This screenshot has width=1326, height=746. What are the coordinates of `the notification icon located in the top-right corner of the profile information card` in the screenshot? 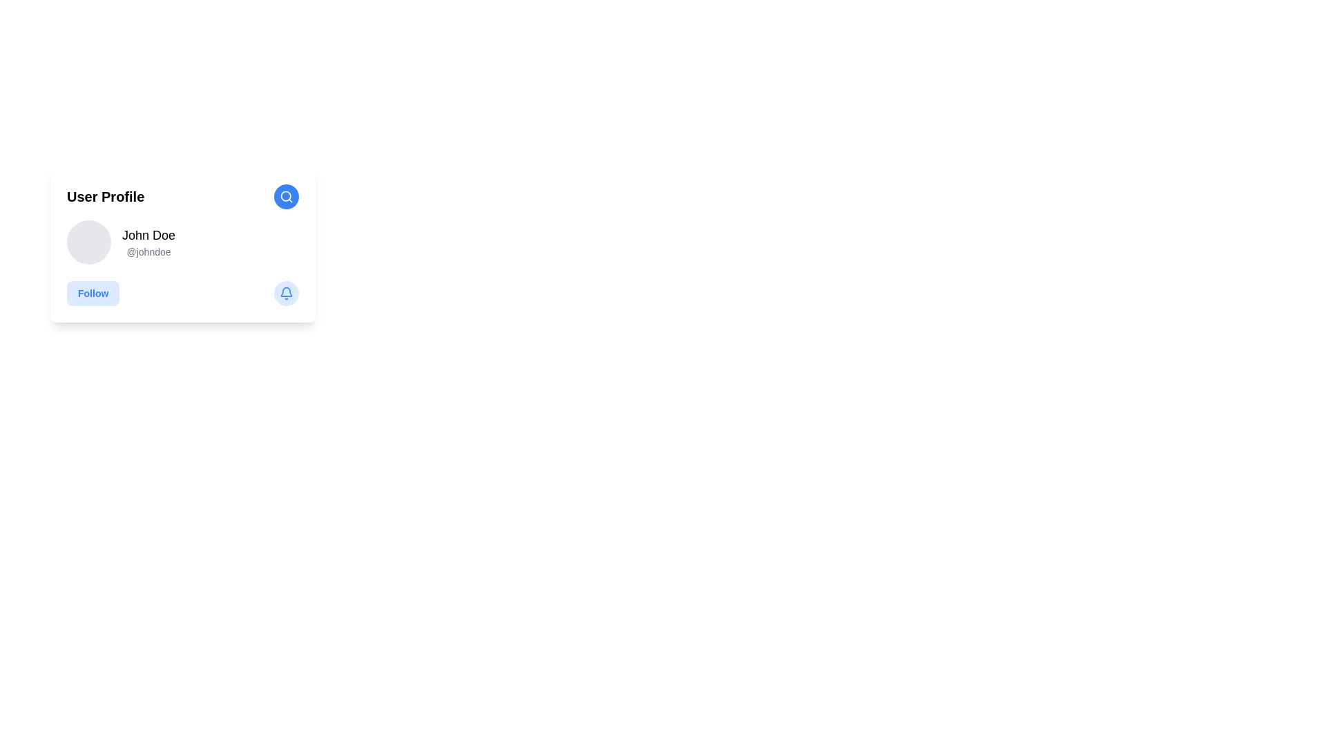 It's located at (285, 291).